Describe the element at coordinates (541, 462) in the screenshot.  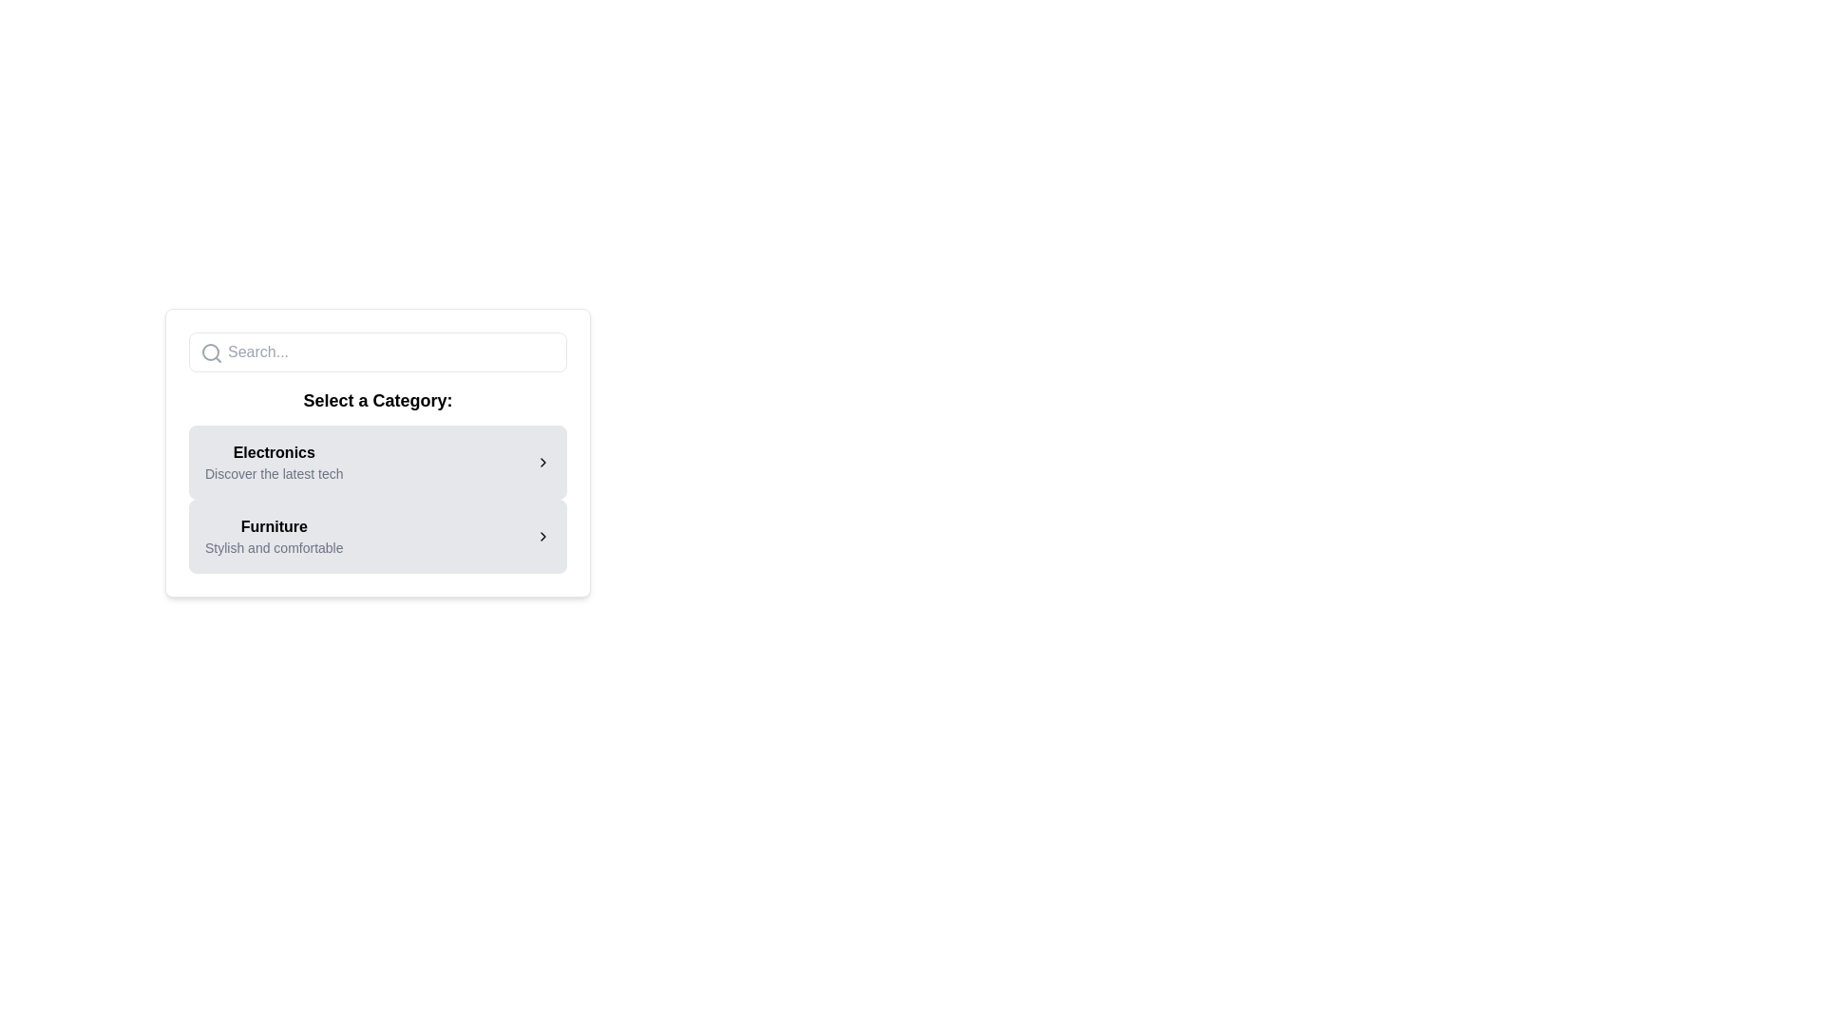
I see `the Chevron Icon Button located to the far right of the 'Electronics' category item in the 'Select a Category' section` at that location.